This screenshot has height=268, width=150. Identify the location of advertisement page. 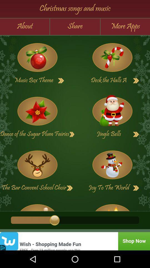
(75, 241).